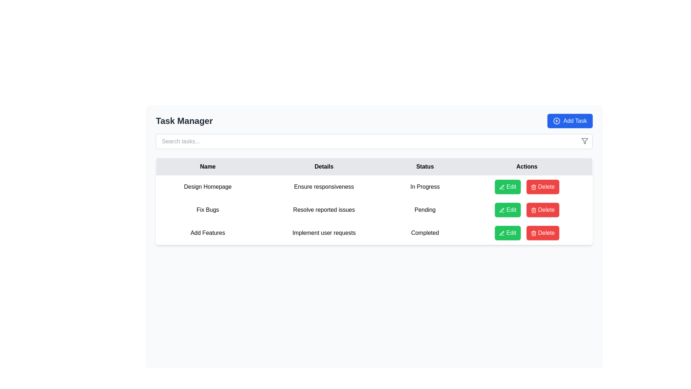  Describe the element at coordinates (543, 187) in the screenshot. I see `the 'Delete' button with a red background and white text` at that location.